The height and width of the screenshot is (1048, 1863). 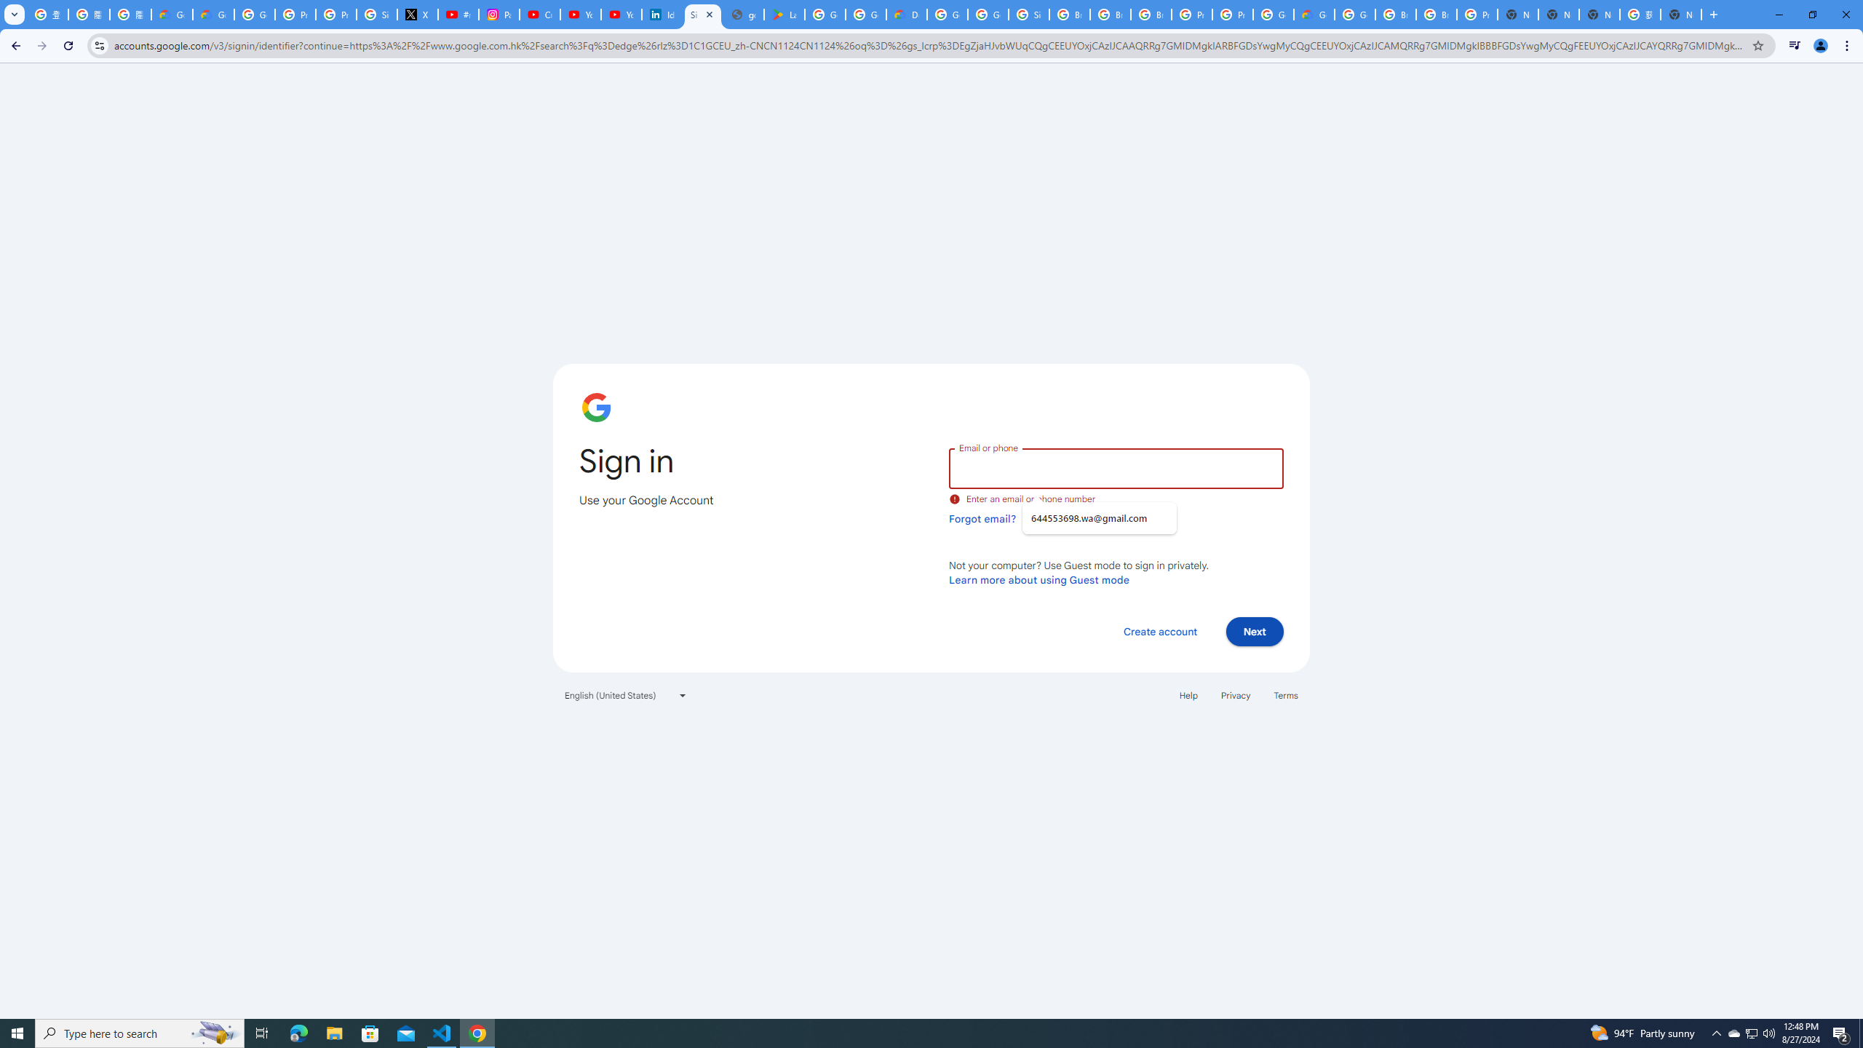 I want to click on 'Privacy Help Center - Policies Help', so click(x=335, y=14).